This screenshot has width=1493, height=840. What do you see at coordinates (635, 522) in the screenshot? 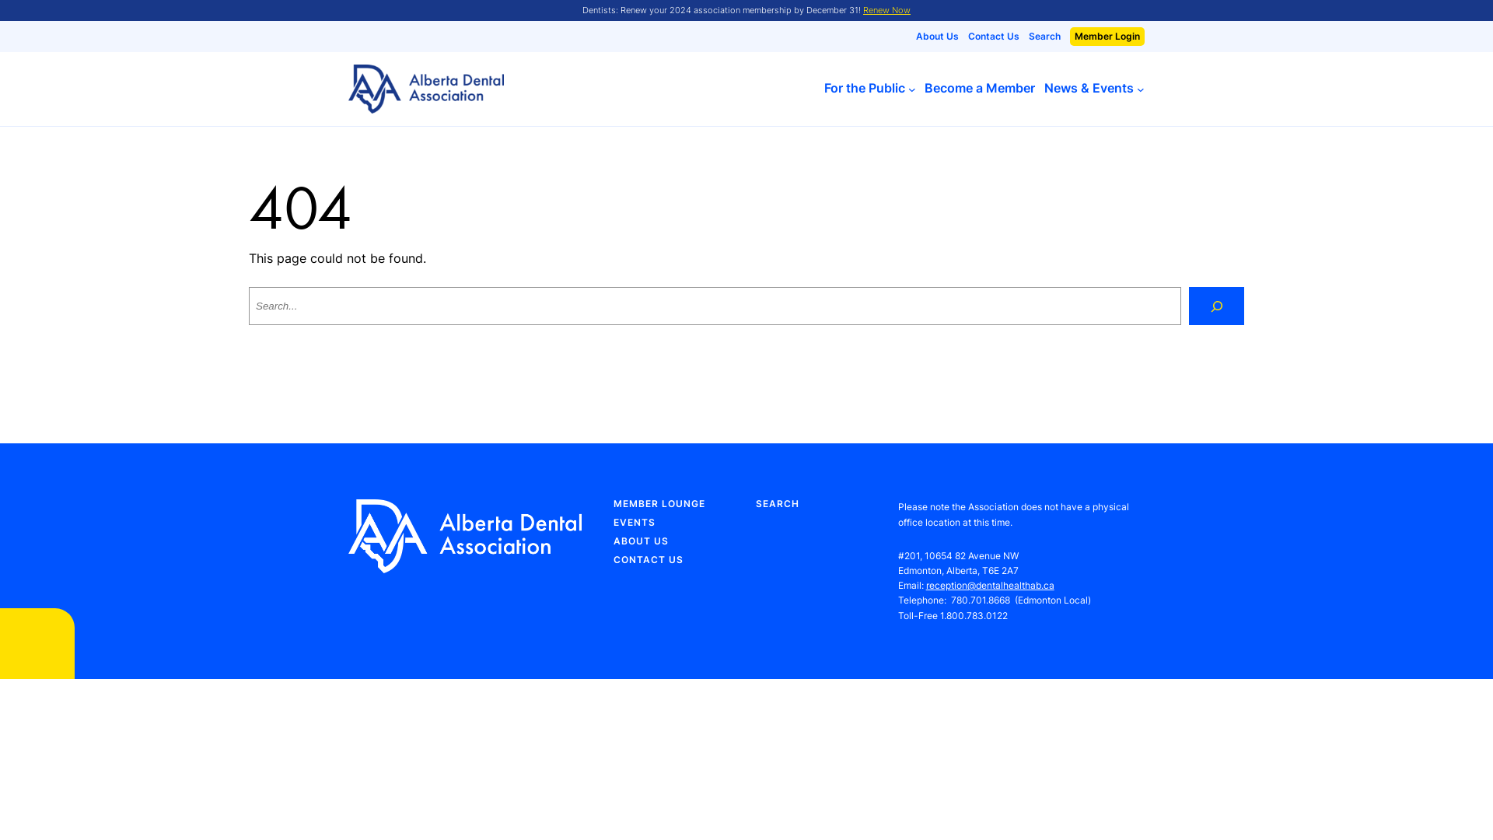
I see `'EVENTS'` at bounding box center [635, 522].